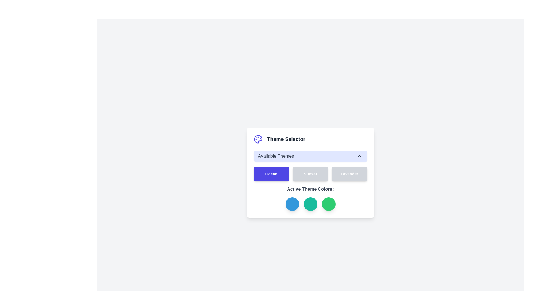 The width and height of the screenshot is (546, 307). I want to click on the blue rectangular button labeled 'Ocean', so click(271, 174).